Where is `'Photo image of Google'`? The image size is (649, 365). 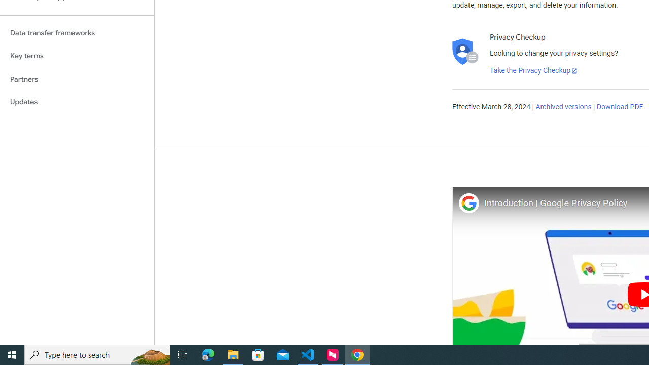
'Photo image of Google' is located at coordinates (468, 203).